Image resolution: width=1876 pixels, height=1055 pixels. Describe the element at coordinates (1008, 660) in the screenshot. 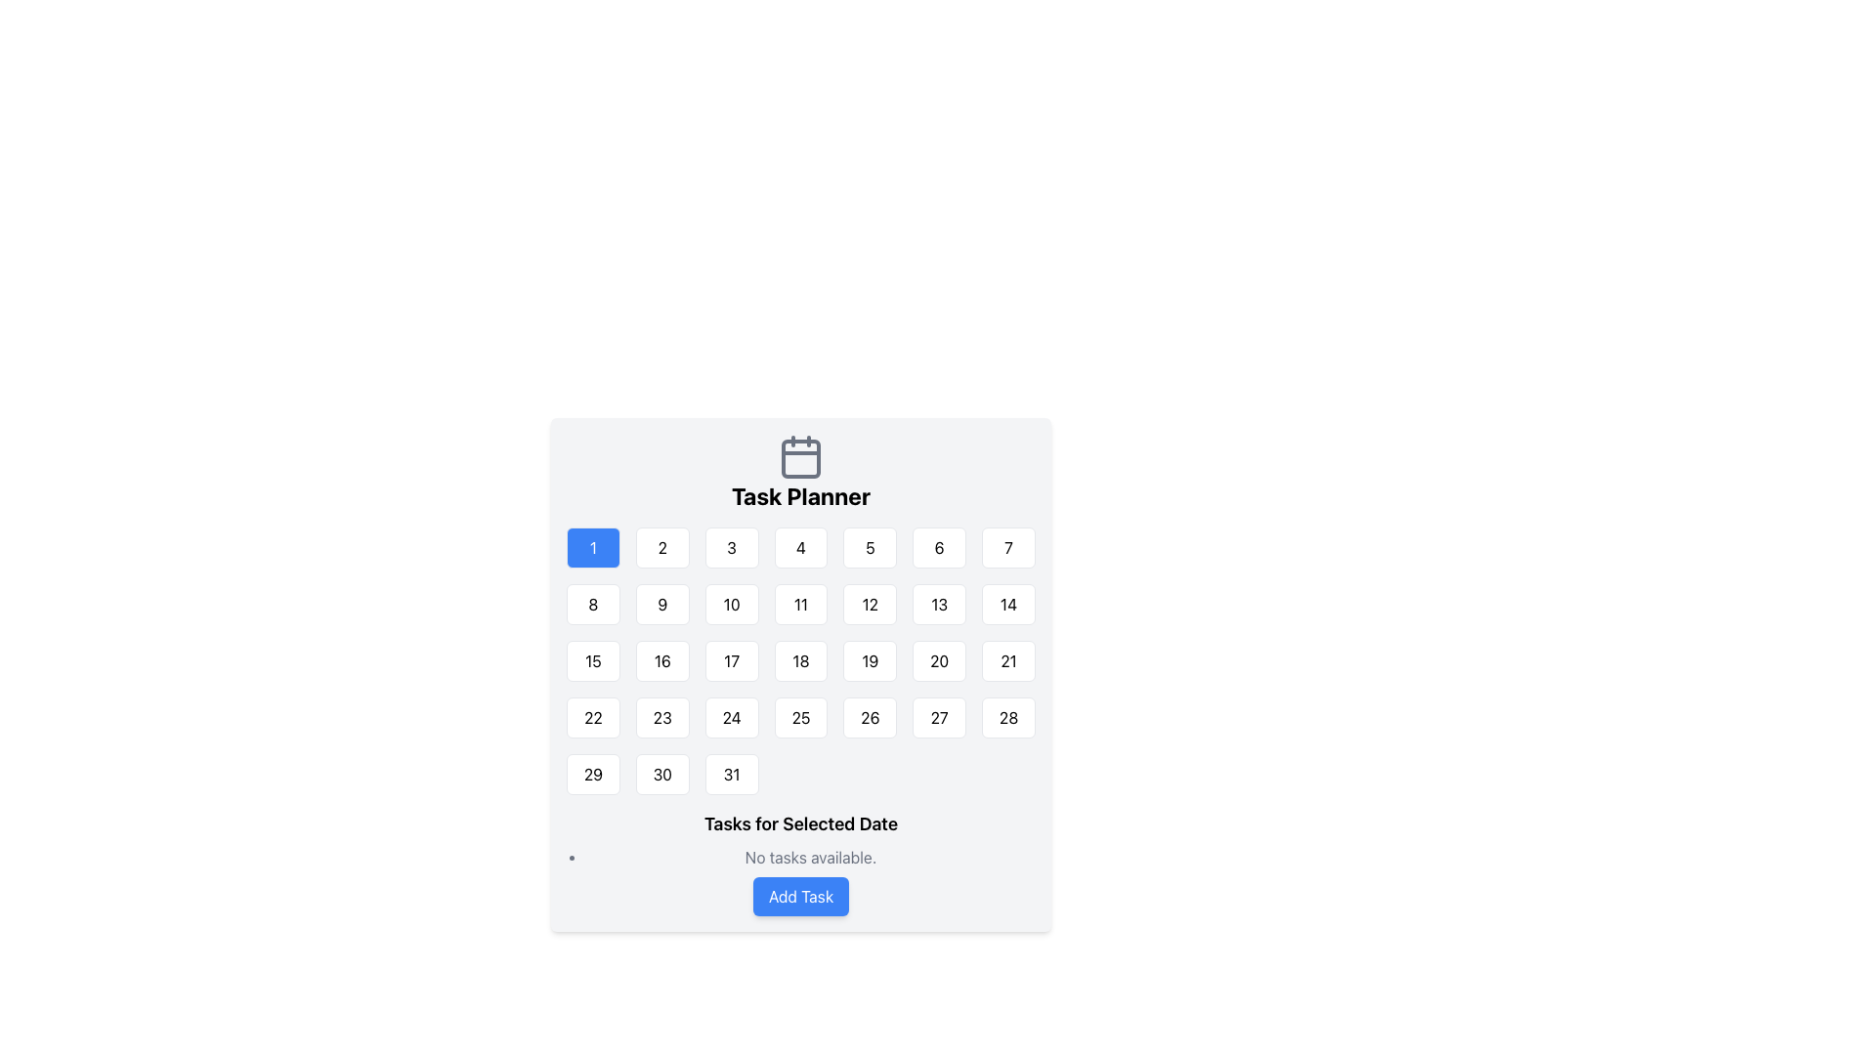

I see `the button displaying '21' located in the third row and seventh column of the grid layout` at that location.